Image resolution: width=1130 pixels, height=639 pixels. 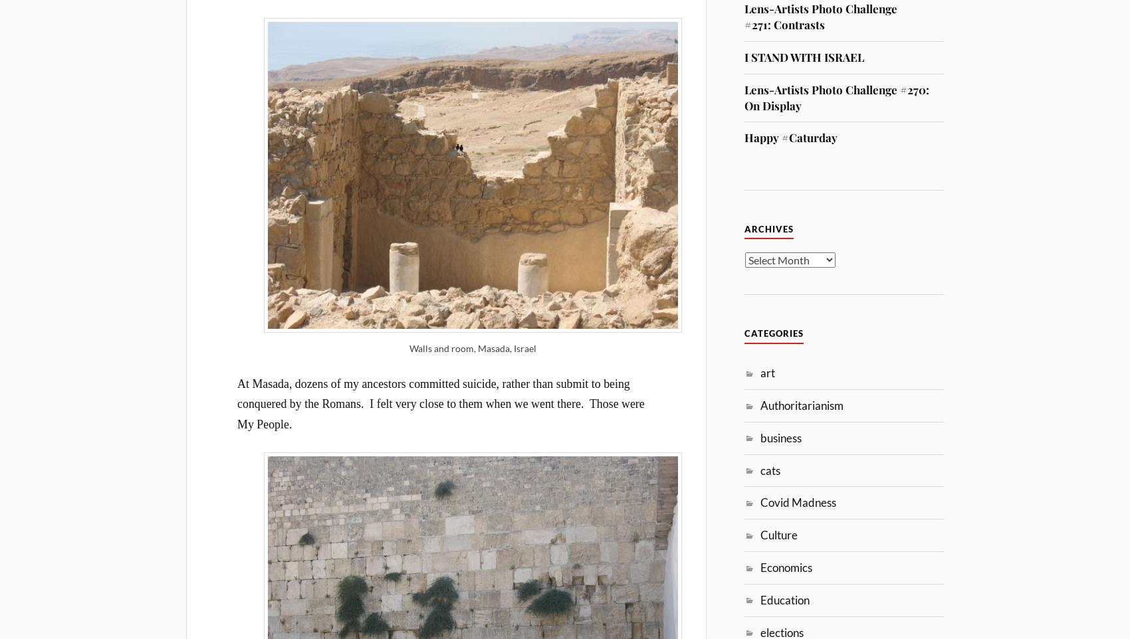 What do you see at coordinates (778, 534) in the screenshot?
I see `'Culture'` at bounding box center [778, 534].